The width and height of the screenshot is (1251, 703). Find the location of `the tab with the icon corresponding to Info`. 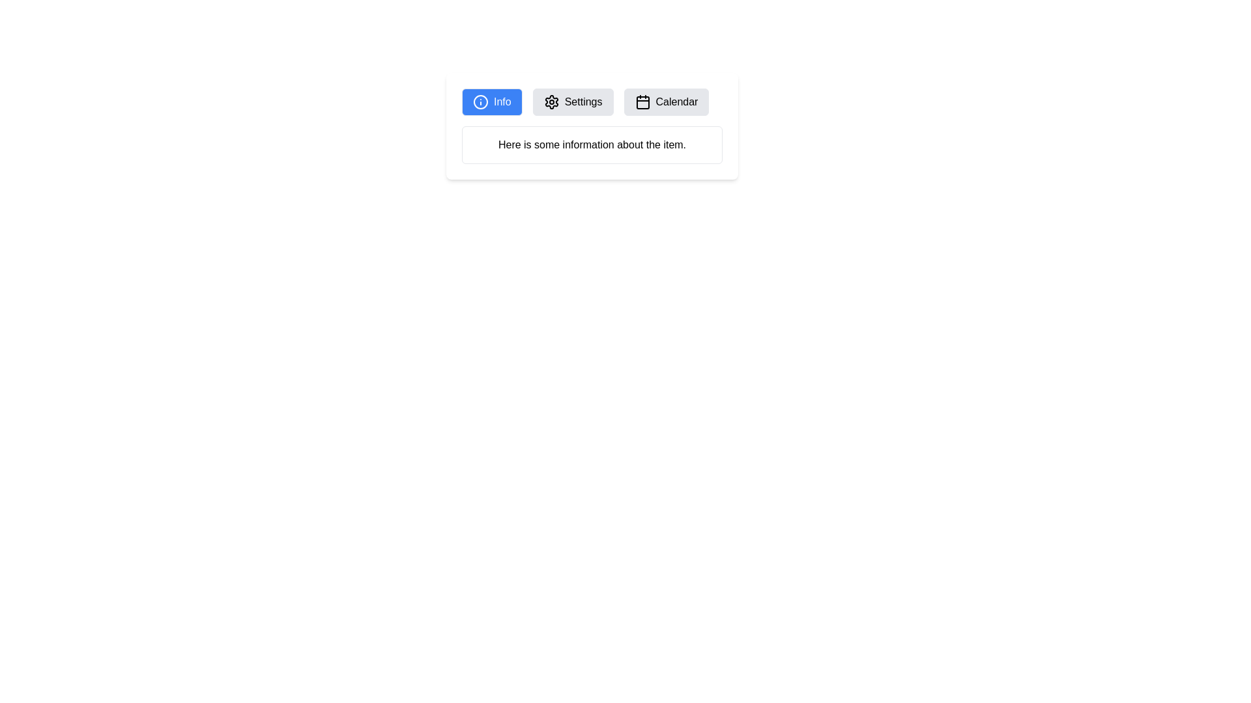

the tab with the icon corresponding to Info is located at coordinates (491, 102).